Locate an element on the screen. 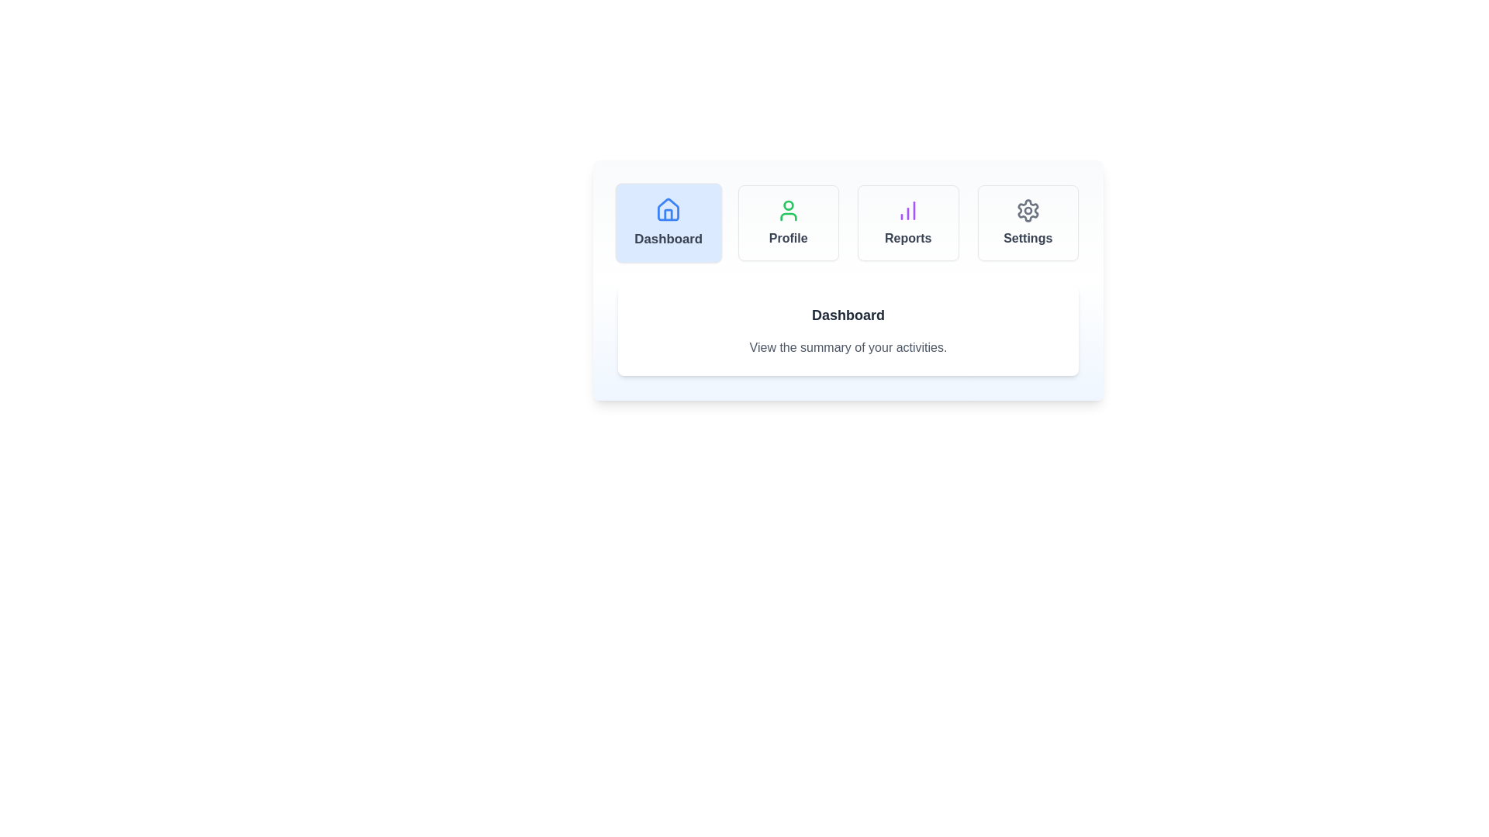  the Reports tab to navigate to it is located at coordinates (908, 223).